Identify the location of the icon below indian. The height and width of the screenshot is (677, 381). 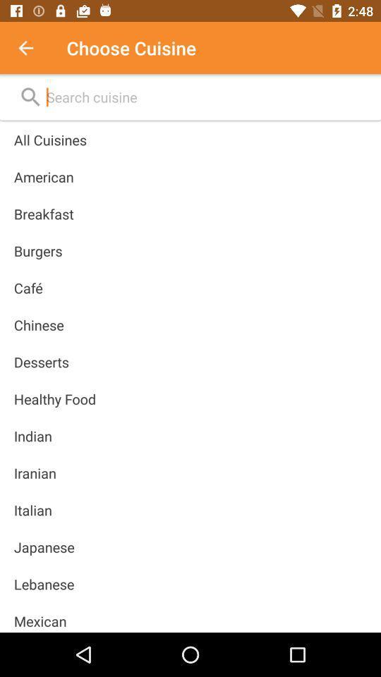
(35, 473).